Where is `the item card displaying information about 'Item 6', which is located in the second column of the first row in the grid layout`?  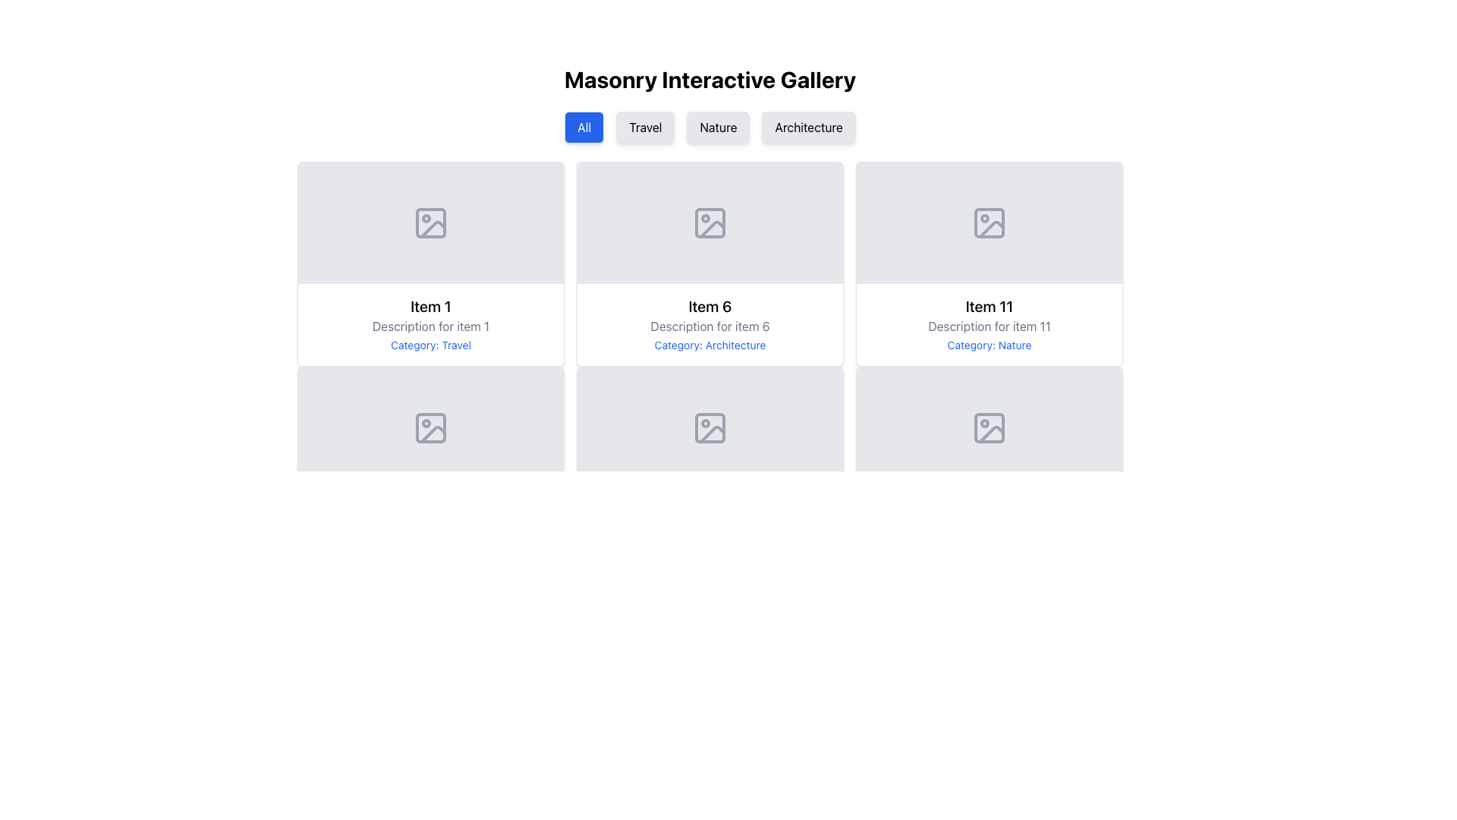
the item card displaying information about 'Item 6', which is located in the second column of the first row in the grid layout is located at coordinates (710, 263).